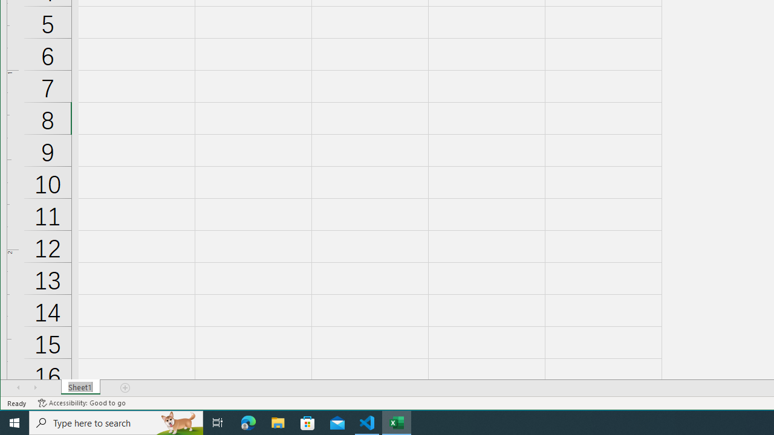 The image size is (774, 435). I want to click on 'Start', so click(15, 422).